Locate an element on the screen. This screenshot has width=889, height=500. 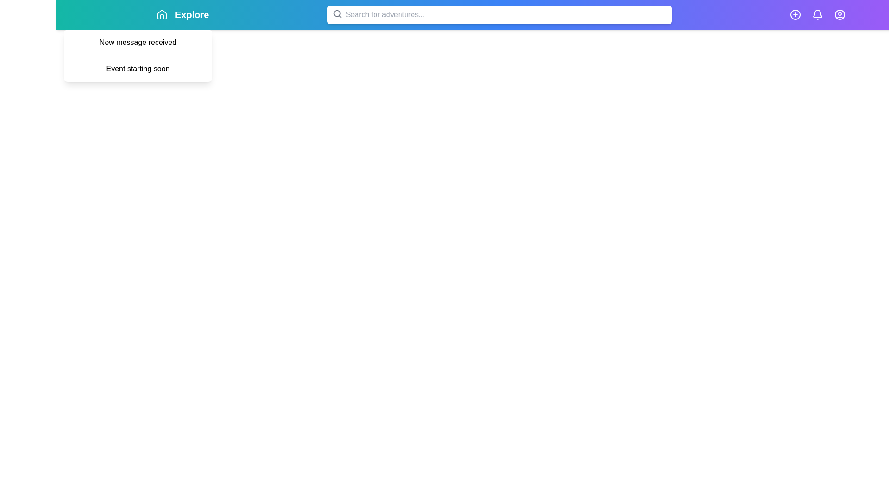
the notification 'Event starting soon' in the dropdown is located at coordinates (137, 68).